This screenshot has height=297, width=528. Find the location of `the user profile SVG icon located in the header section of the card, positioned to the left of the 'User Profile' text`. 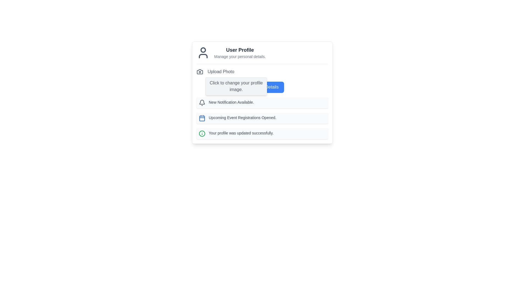

the user profile SVG icon located in the header section of the card, positioned to the left of the 'User Profile' text is located at coordinates (203, 53).